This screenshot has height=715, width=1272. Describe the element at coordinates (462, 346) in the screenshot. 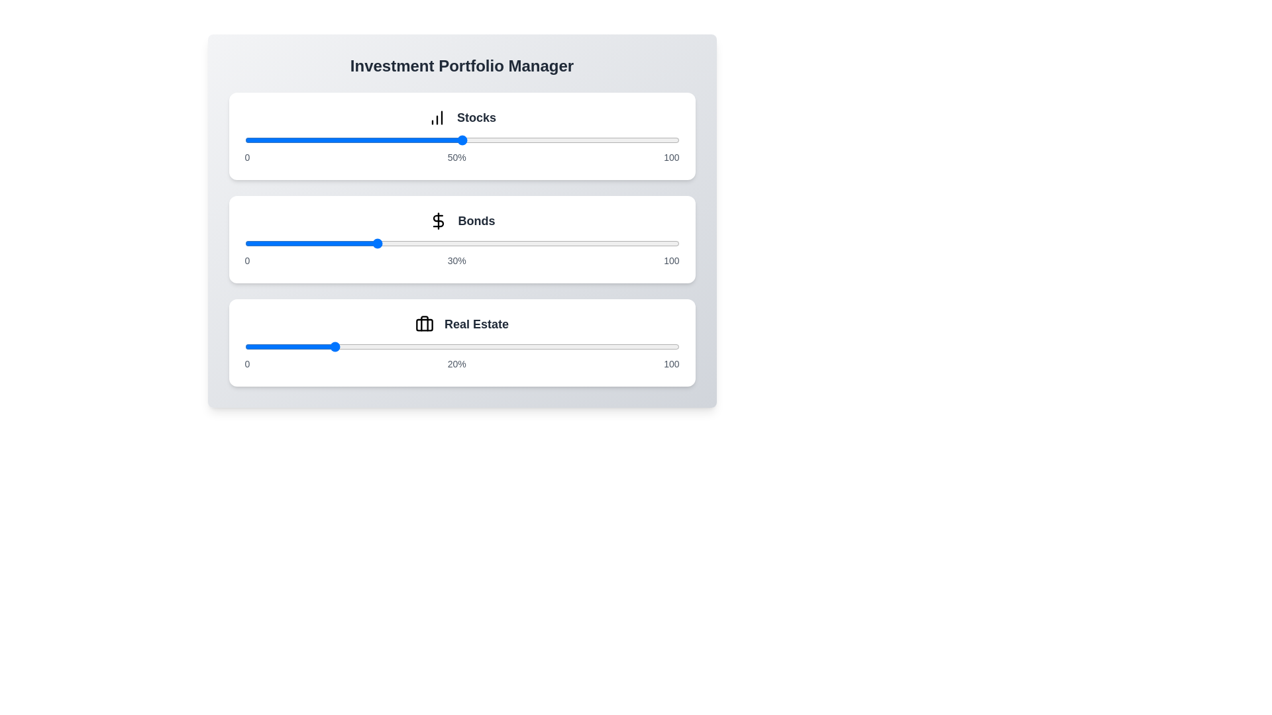

I see `the slider for Real Estate` at that location.